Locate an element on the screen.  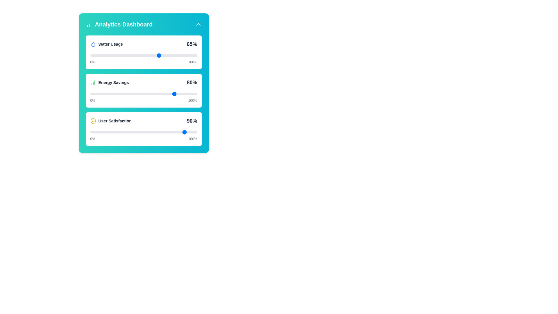
User Satisfaction is located at coordinates (110, 132).